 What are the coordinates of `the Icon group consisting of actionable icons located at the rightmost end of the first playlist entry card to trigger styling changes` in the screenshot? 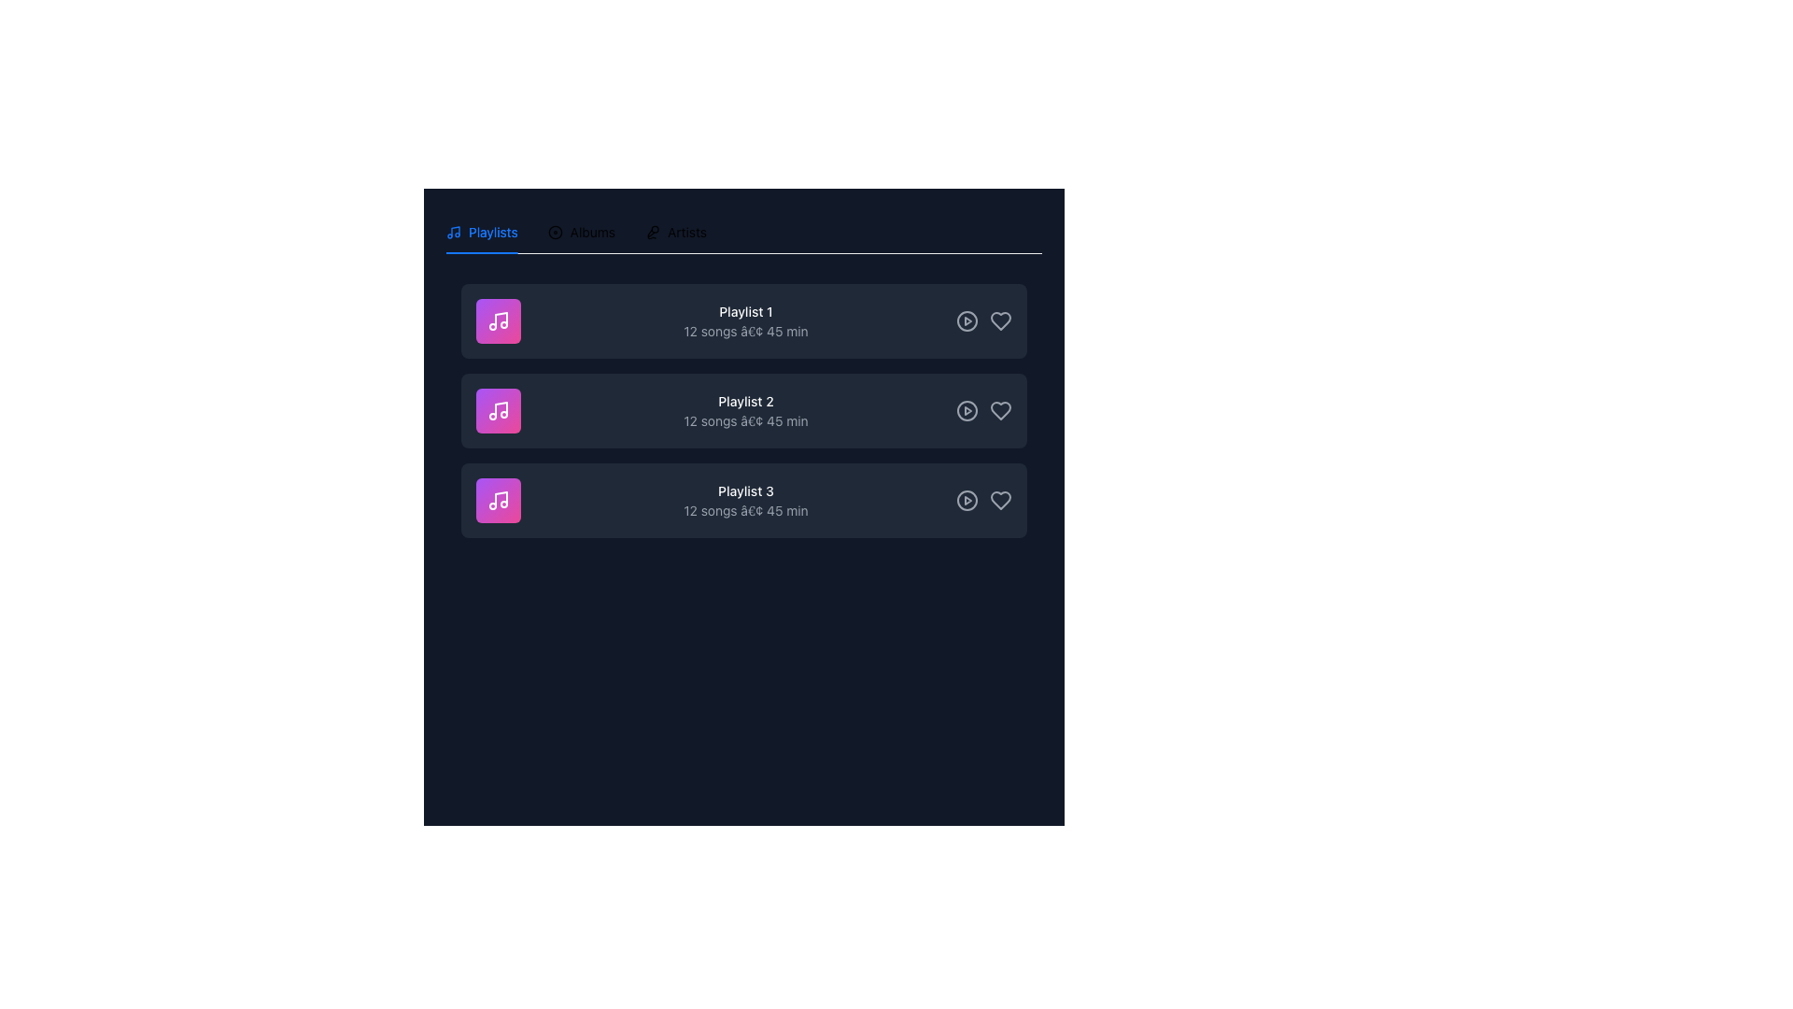 It's located at (983, 320).